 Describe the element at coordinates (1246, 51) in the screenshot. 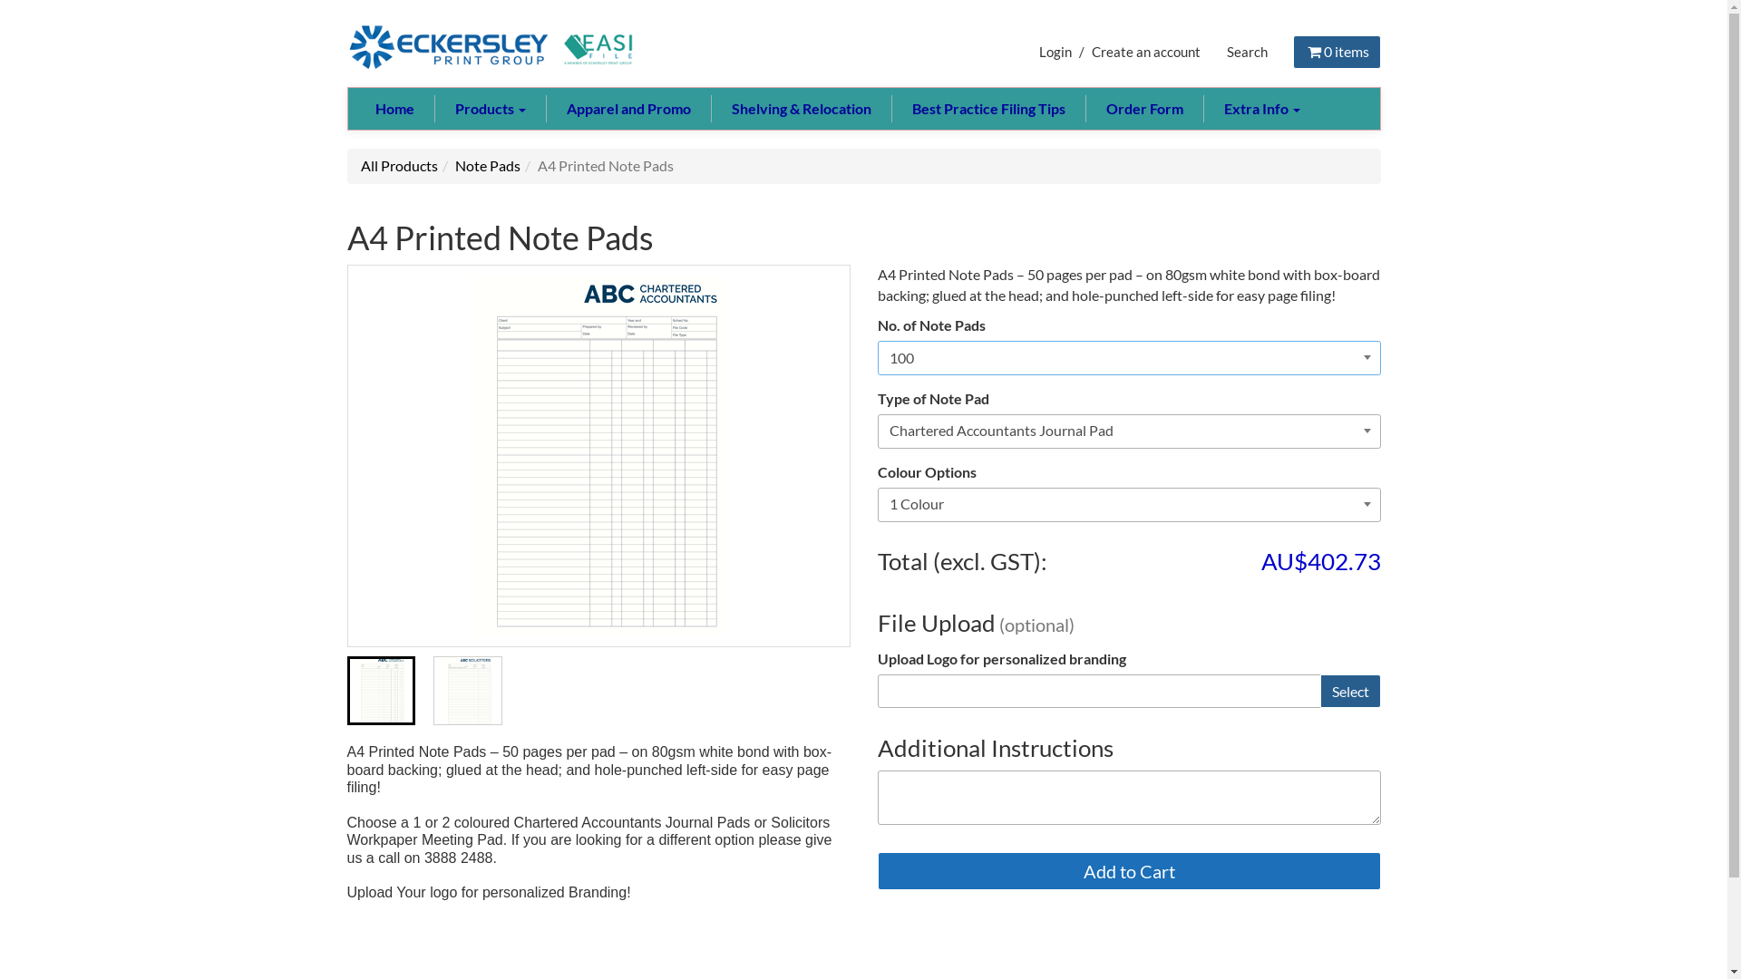

I see `'Search'` at that location.